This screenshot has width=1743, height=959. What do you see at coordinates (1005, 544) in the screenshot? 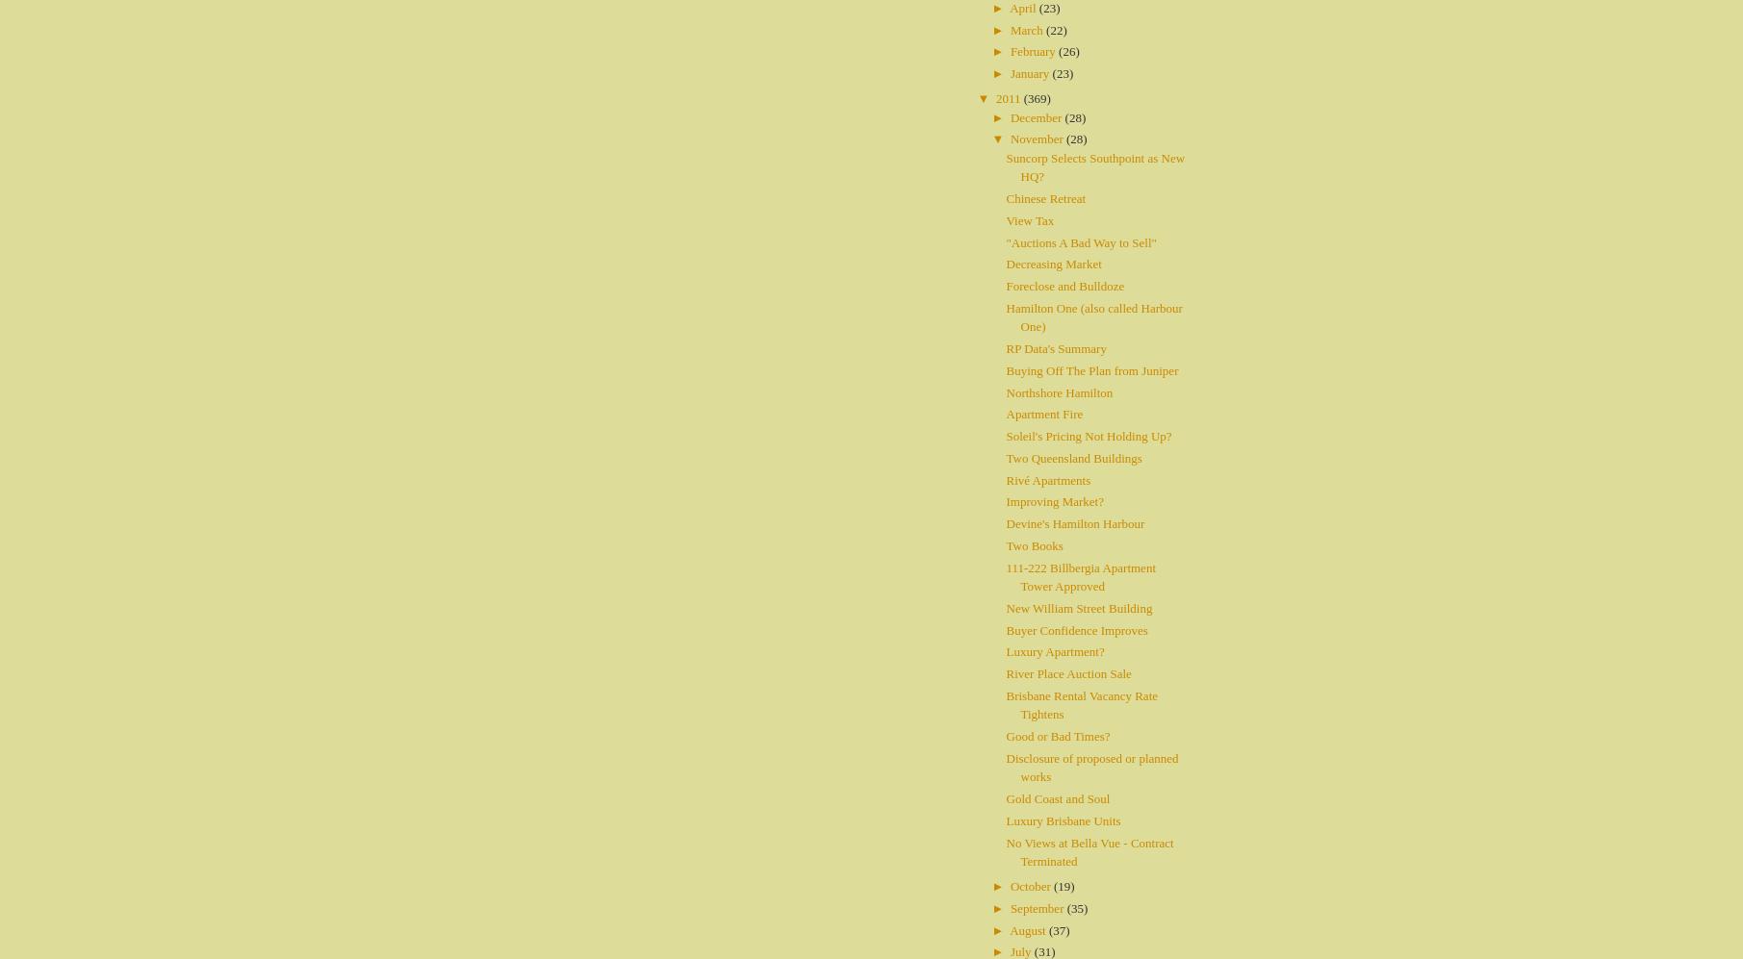
I see `'Two Books'` at bounding box center [1005, 544].